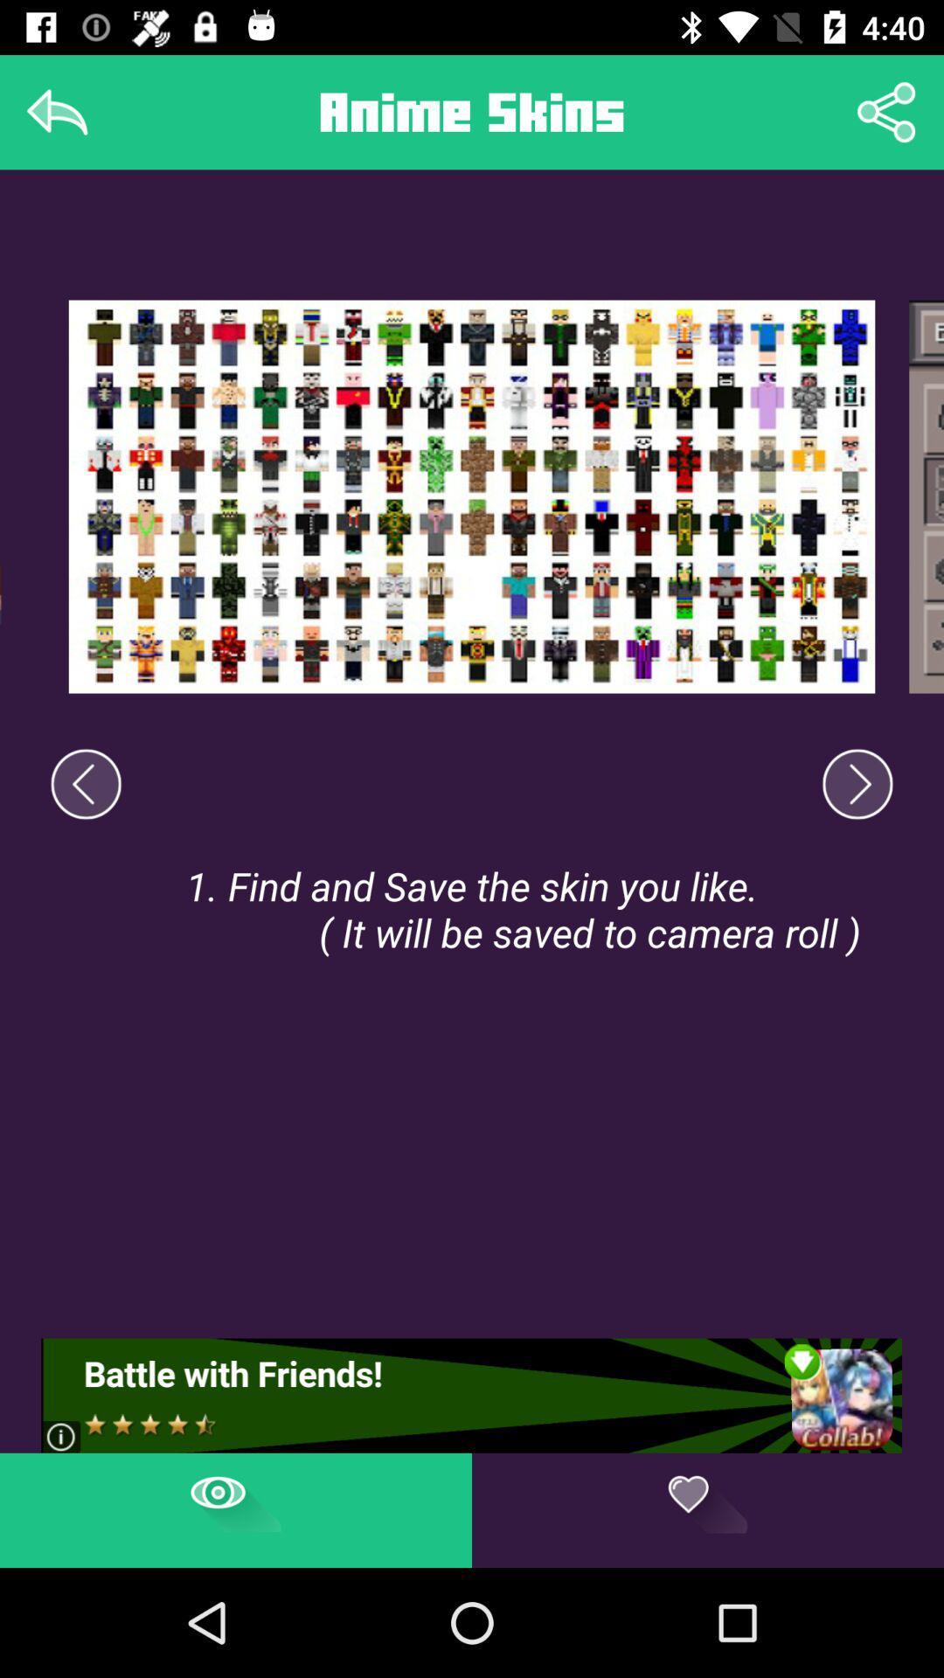 This screenshot has height=1678, width=944. I want to click on the arrow_backward icon, so click(86, 783).